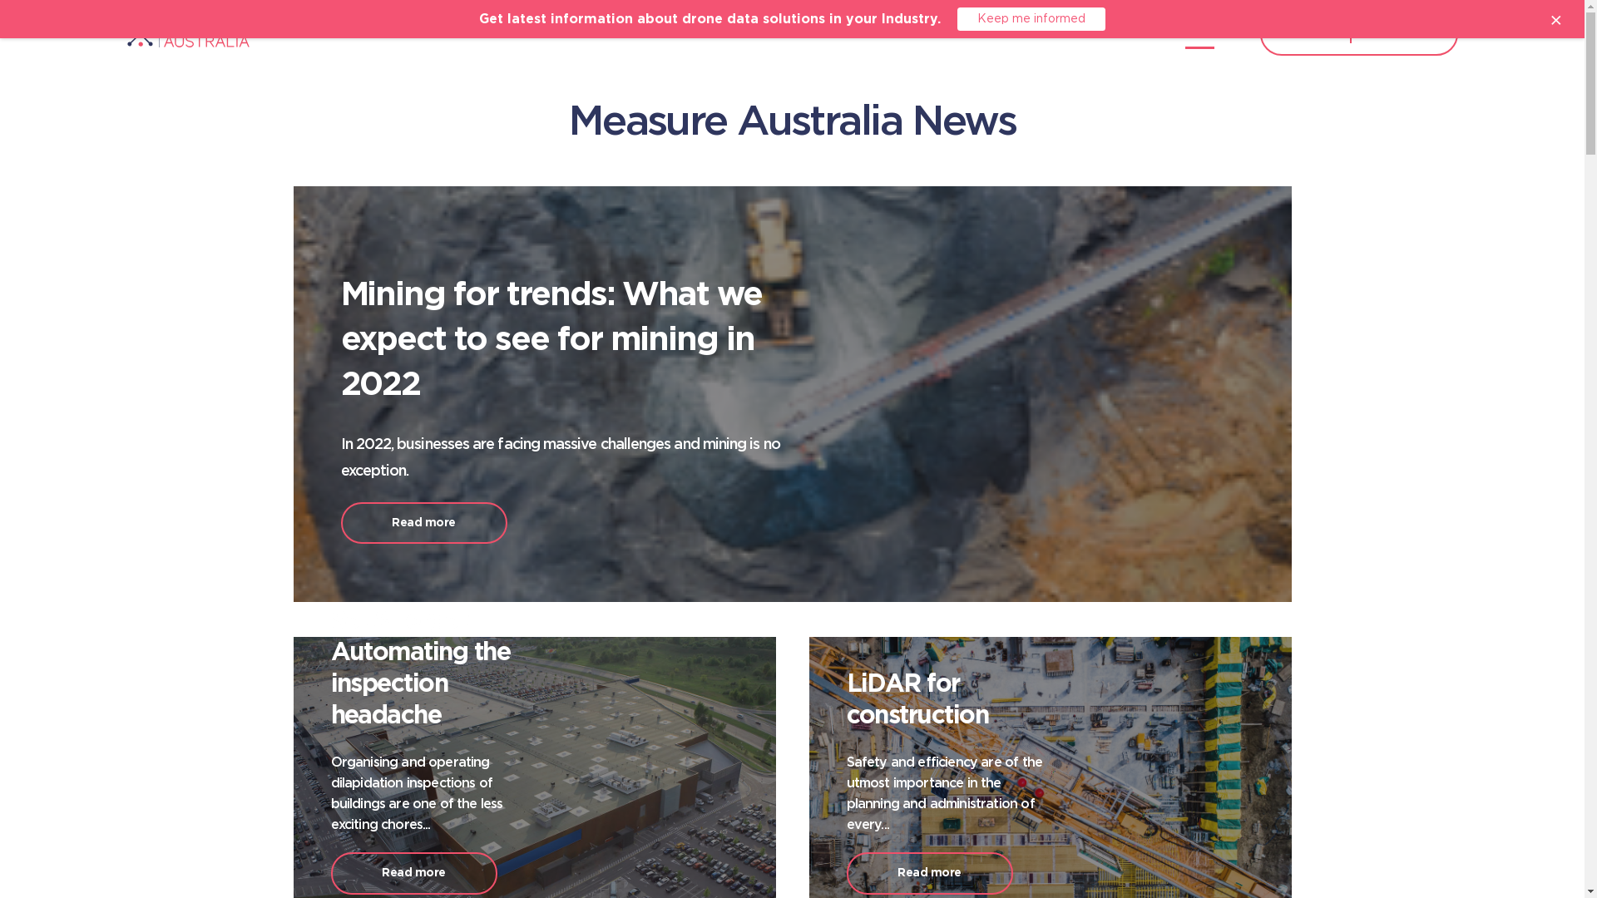 The height and width of the screenshot is (898, 1597). What do you see at coordinates (957, 19) in the screenshot?
I see `'Keep me informed'` at bounding box center [957, 19].